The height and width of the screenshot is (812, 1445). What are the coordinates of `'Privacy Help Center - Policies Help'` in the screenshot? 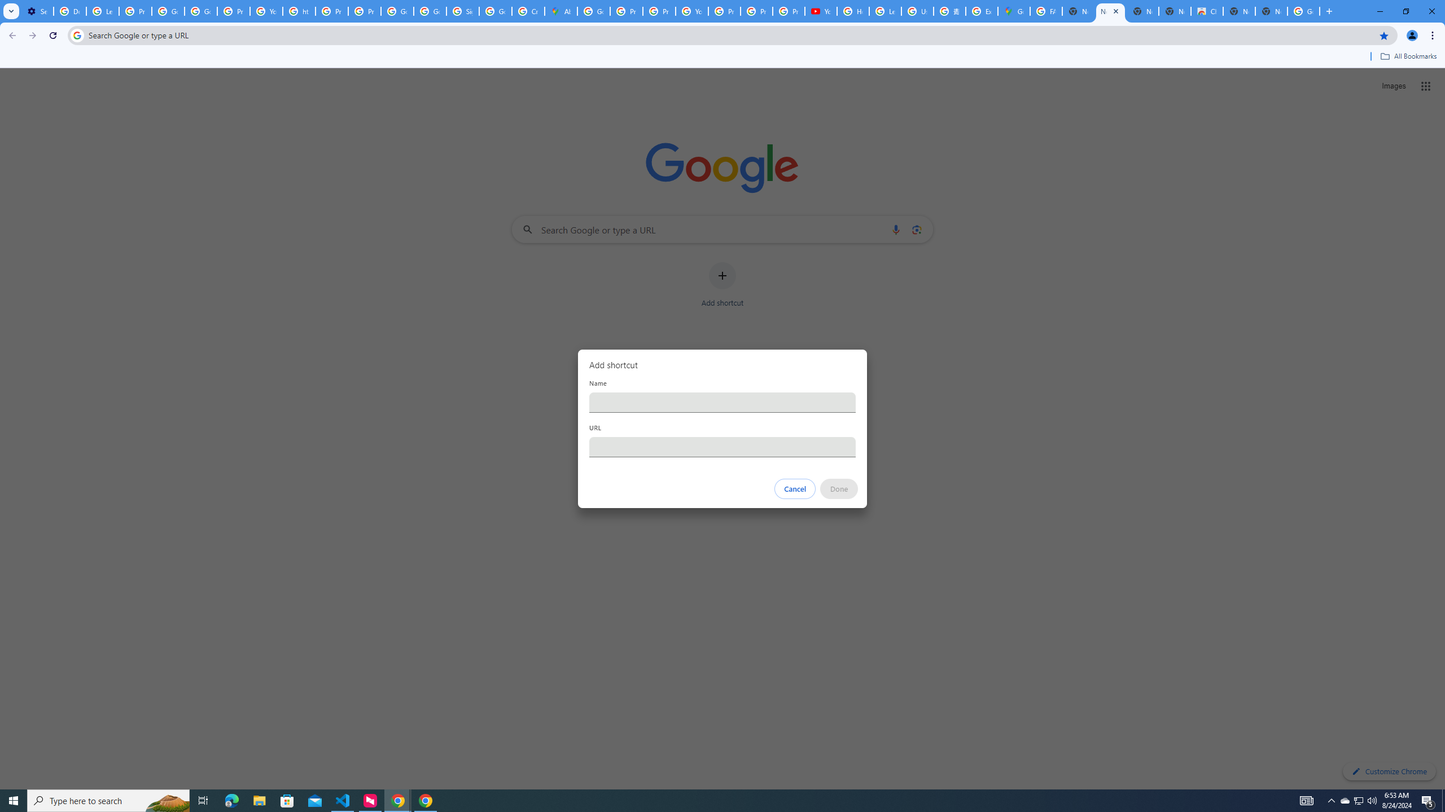 It's located at (658, 11).